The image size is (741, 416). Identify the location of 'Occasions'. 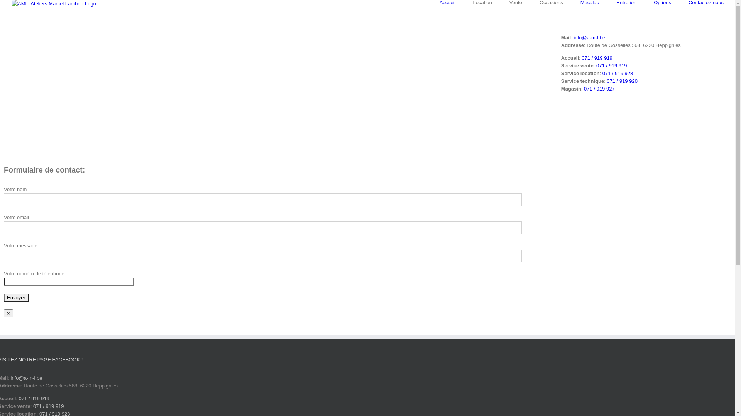
(551, 2).